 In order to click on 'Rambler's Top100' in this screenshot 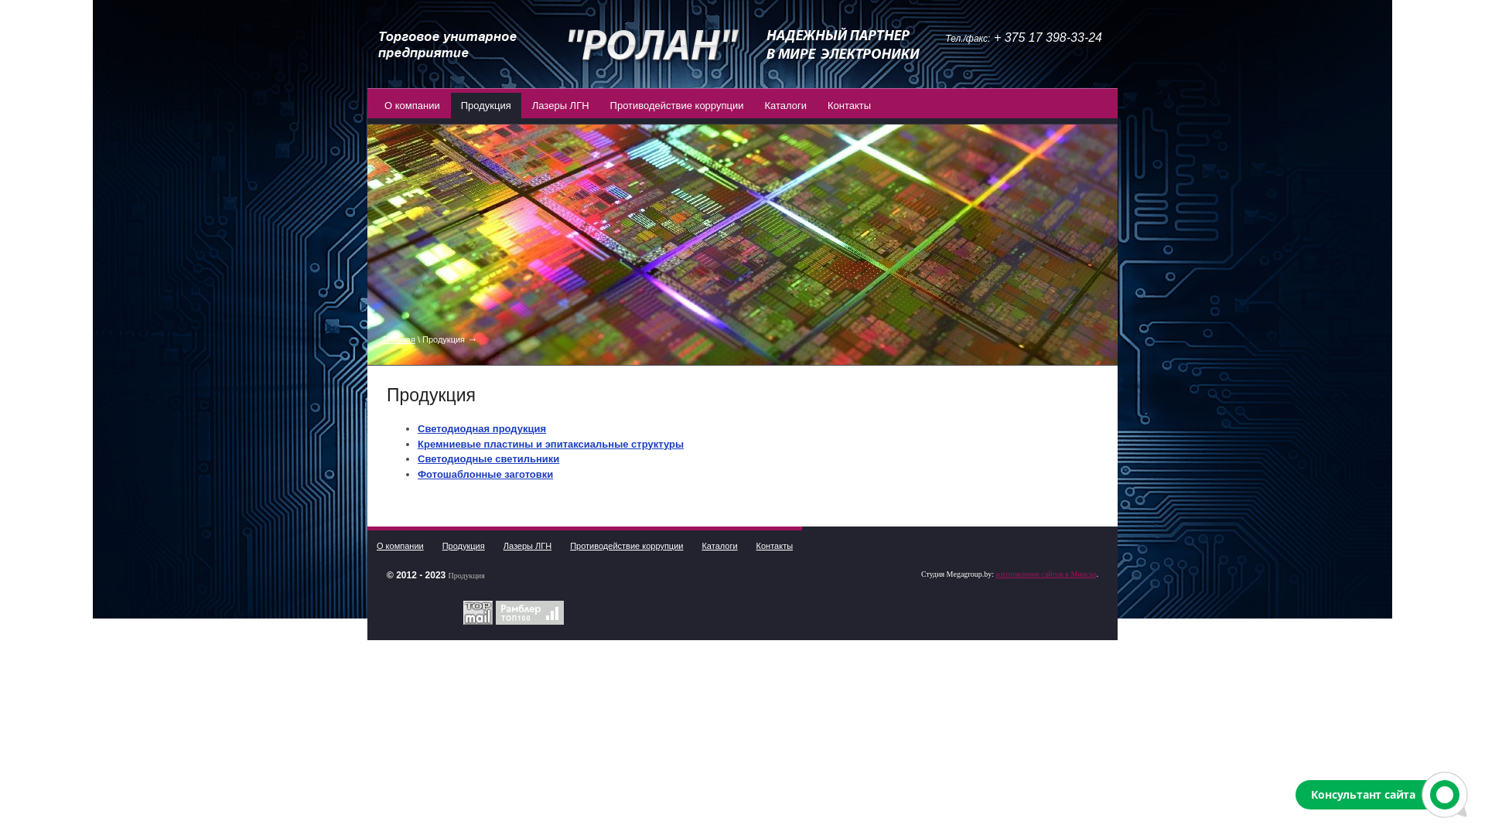, I will do `click(530, 612)`.